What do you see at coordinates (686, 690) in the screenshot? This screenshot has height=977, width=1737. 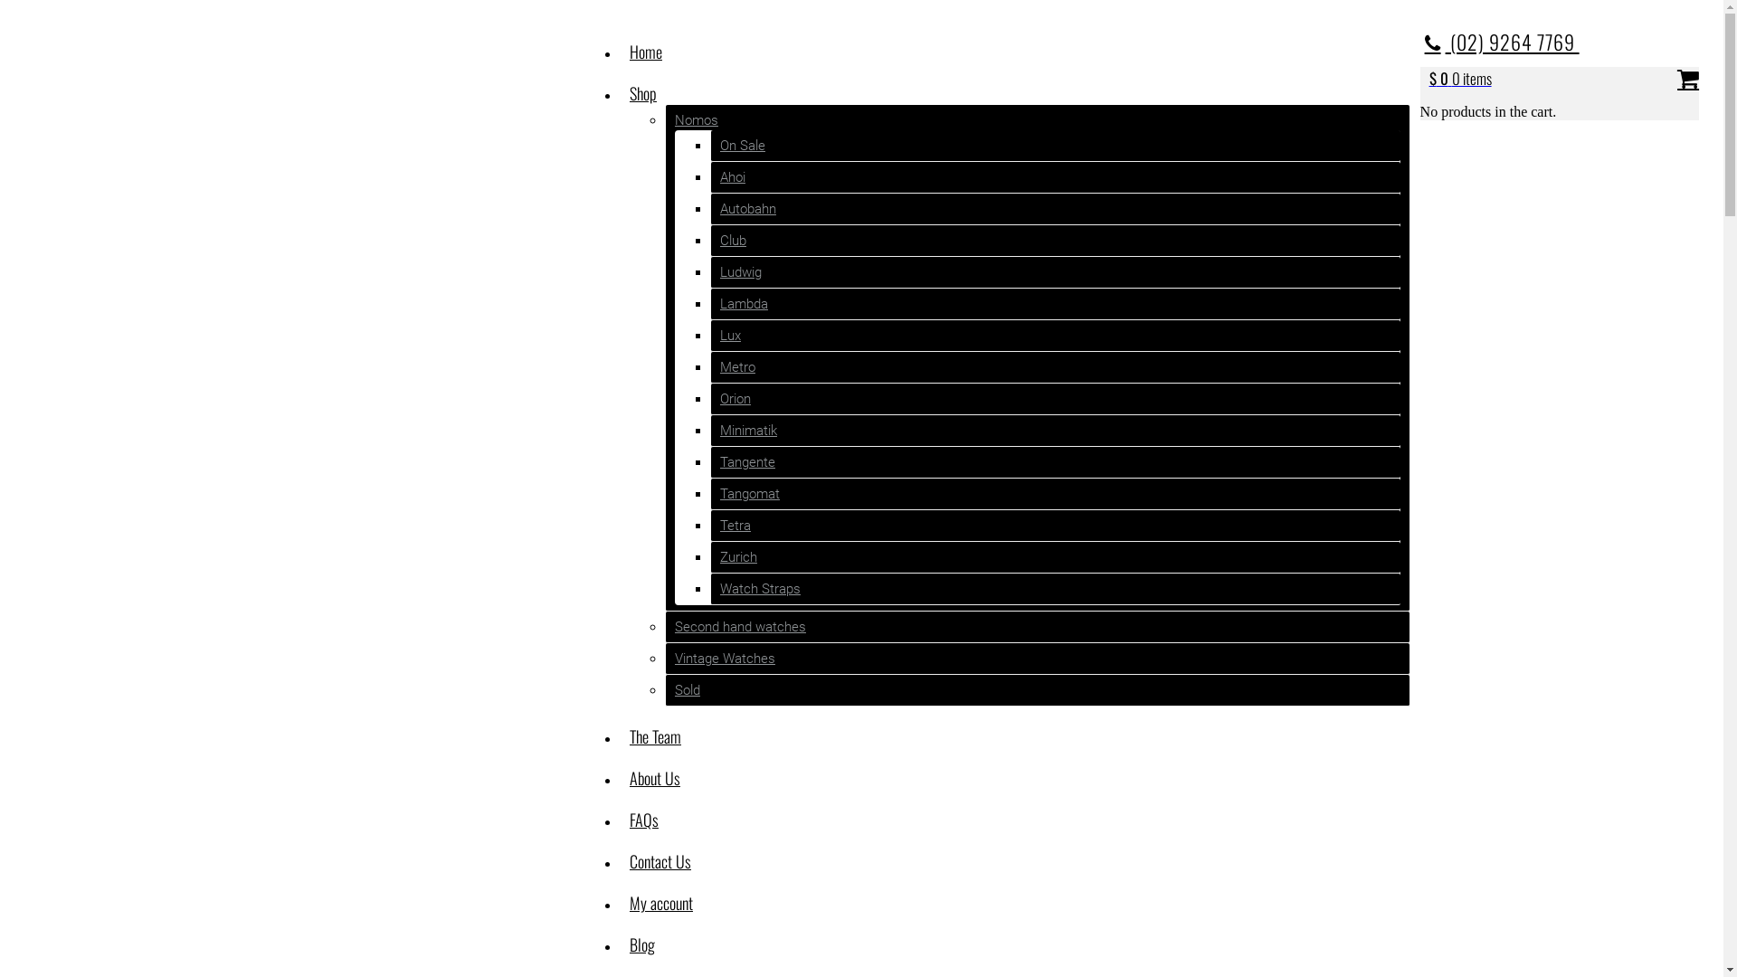 I see `'Sold'` at bounding box center [686, 690].